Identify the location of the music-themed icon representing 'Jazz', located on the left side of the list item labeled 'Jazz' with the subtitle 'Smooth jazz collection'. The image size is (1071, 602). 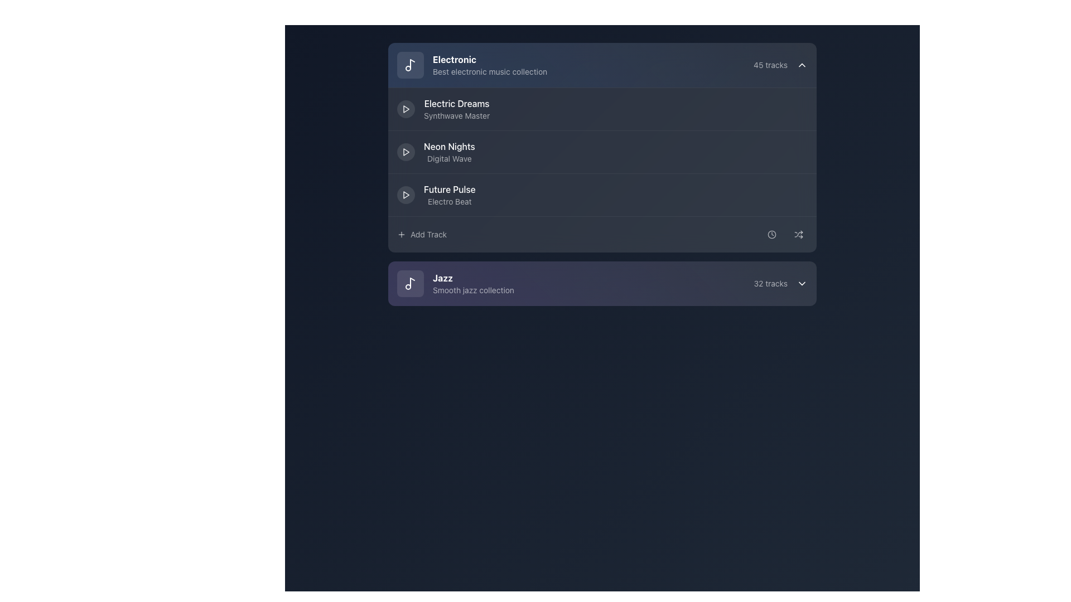
(409, 283).